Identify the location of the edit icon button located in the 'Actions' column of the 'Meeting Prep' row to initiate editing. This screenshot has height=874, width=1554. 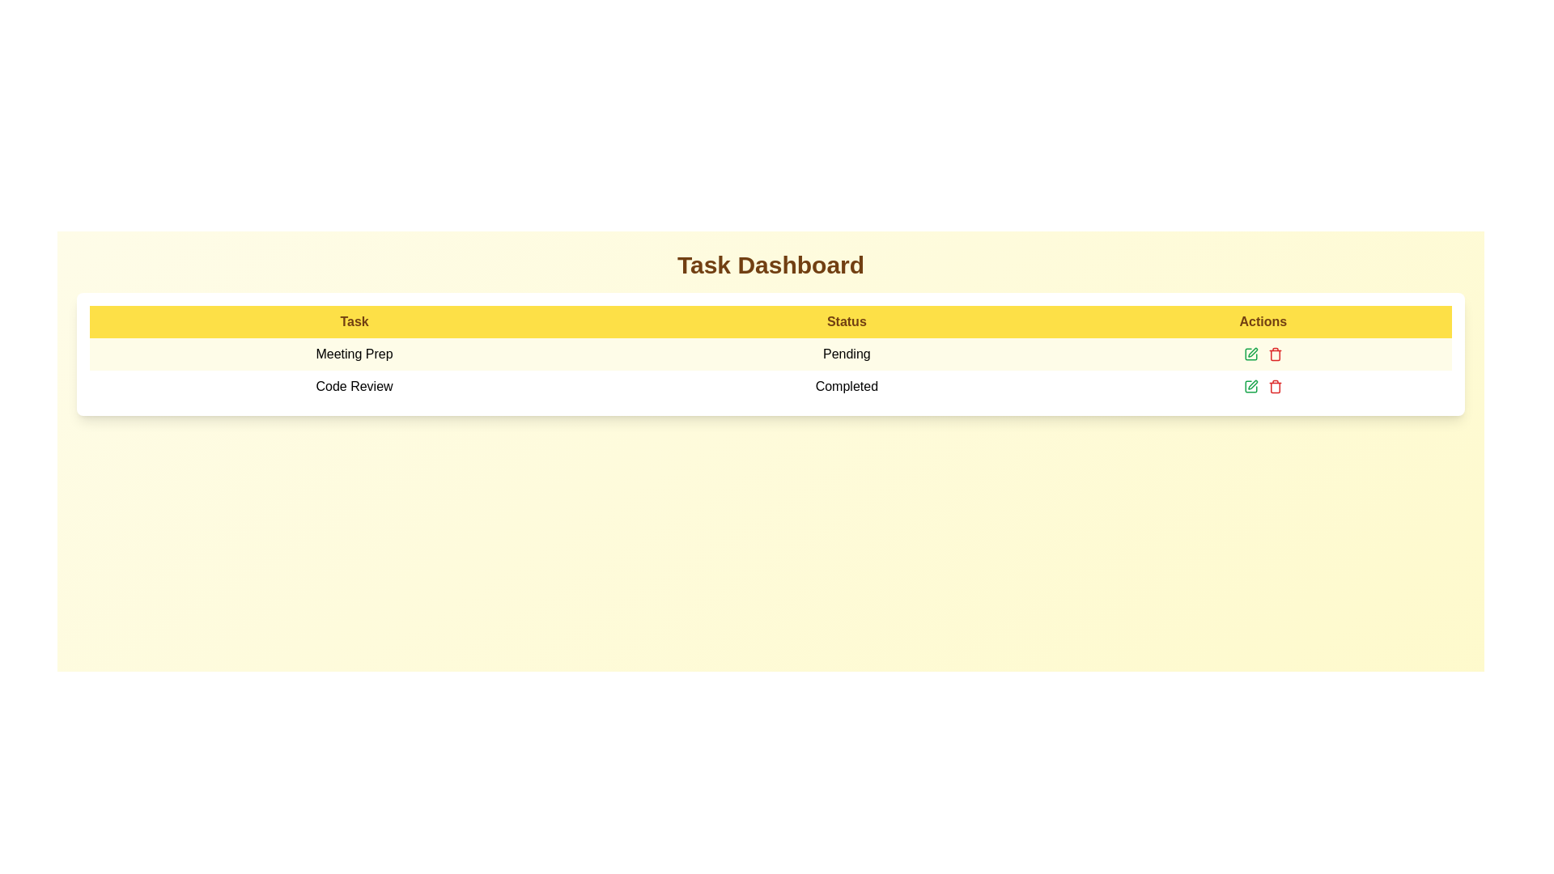
(1250, 354).